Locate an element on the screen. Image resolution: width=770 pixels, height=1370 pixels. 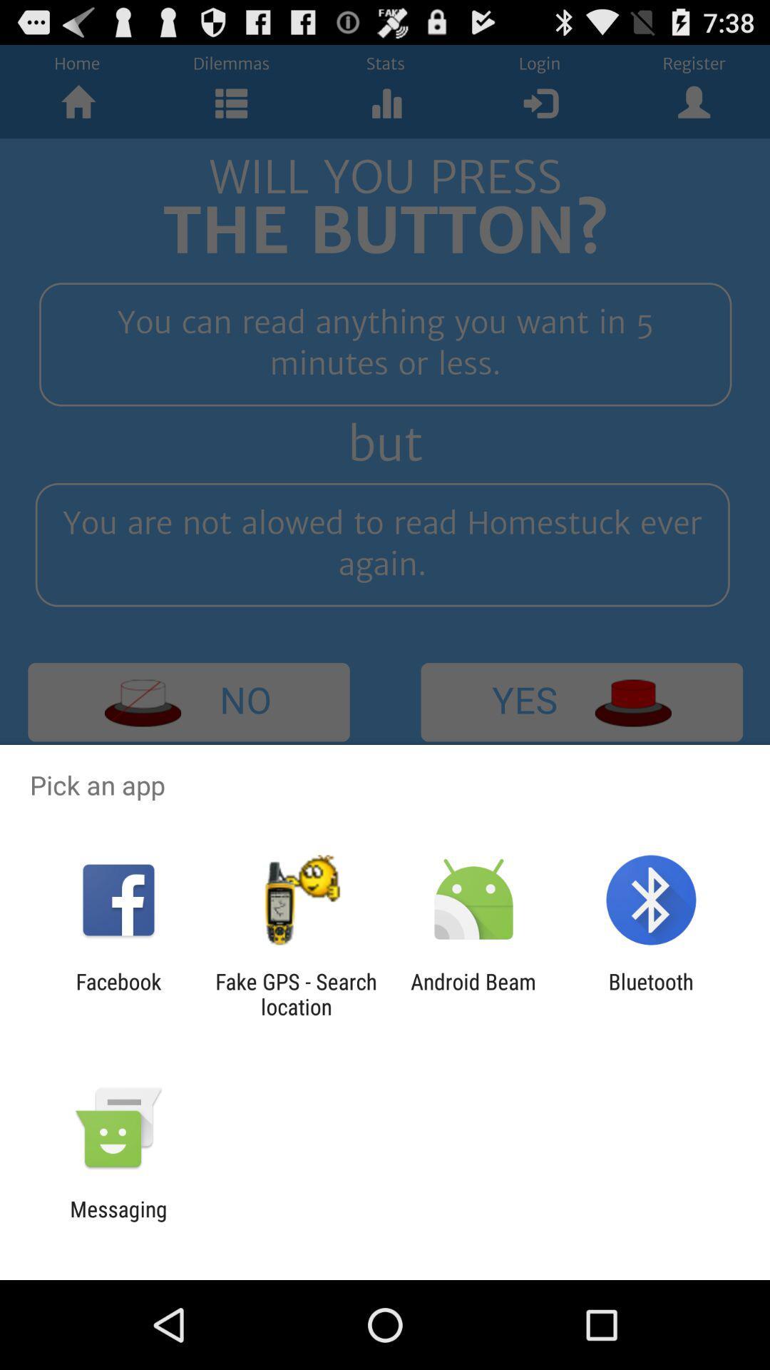
the messaging icon is located at coordinates (118, 1221).